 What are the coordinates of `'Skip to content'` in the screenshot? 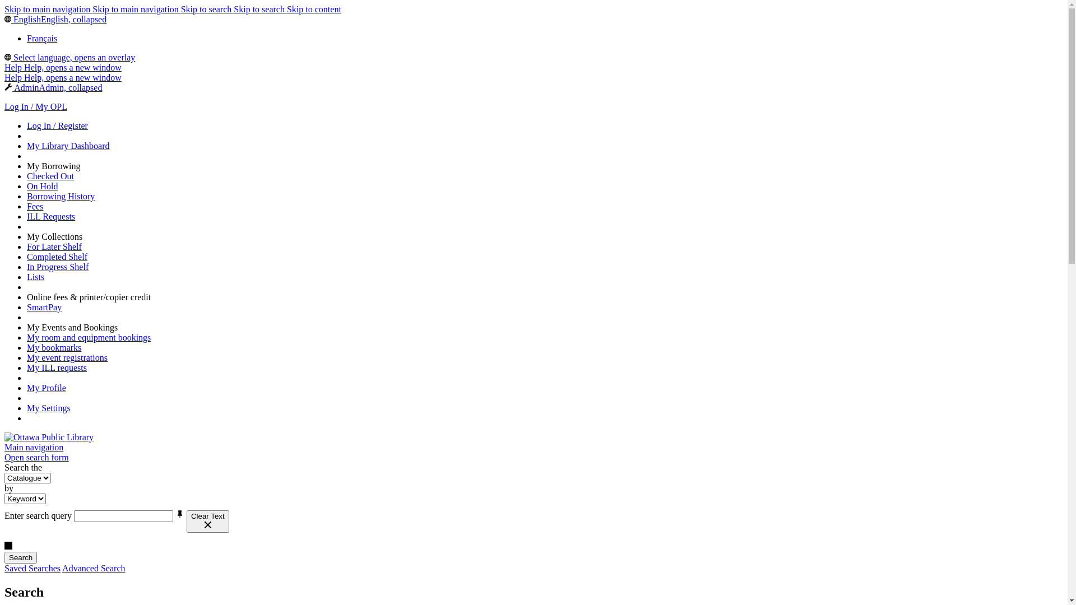 It's located at (287, 9).